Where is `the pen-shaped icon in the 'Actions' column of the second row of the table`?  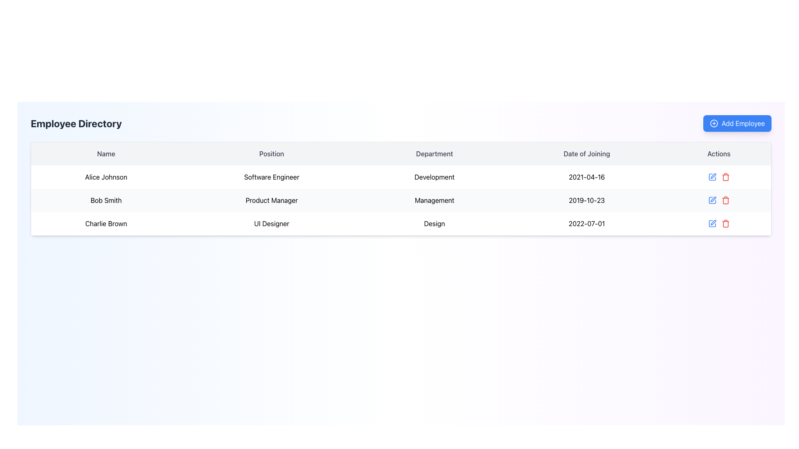
the pen-shaped icon in the 'Actions' column of the second row of the table is located at coordinates (713, 199).